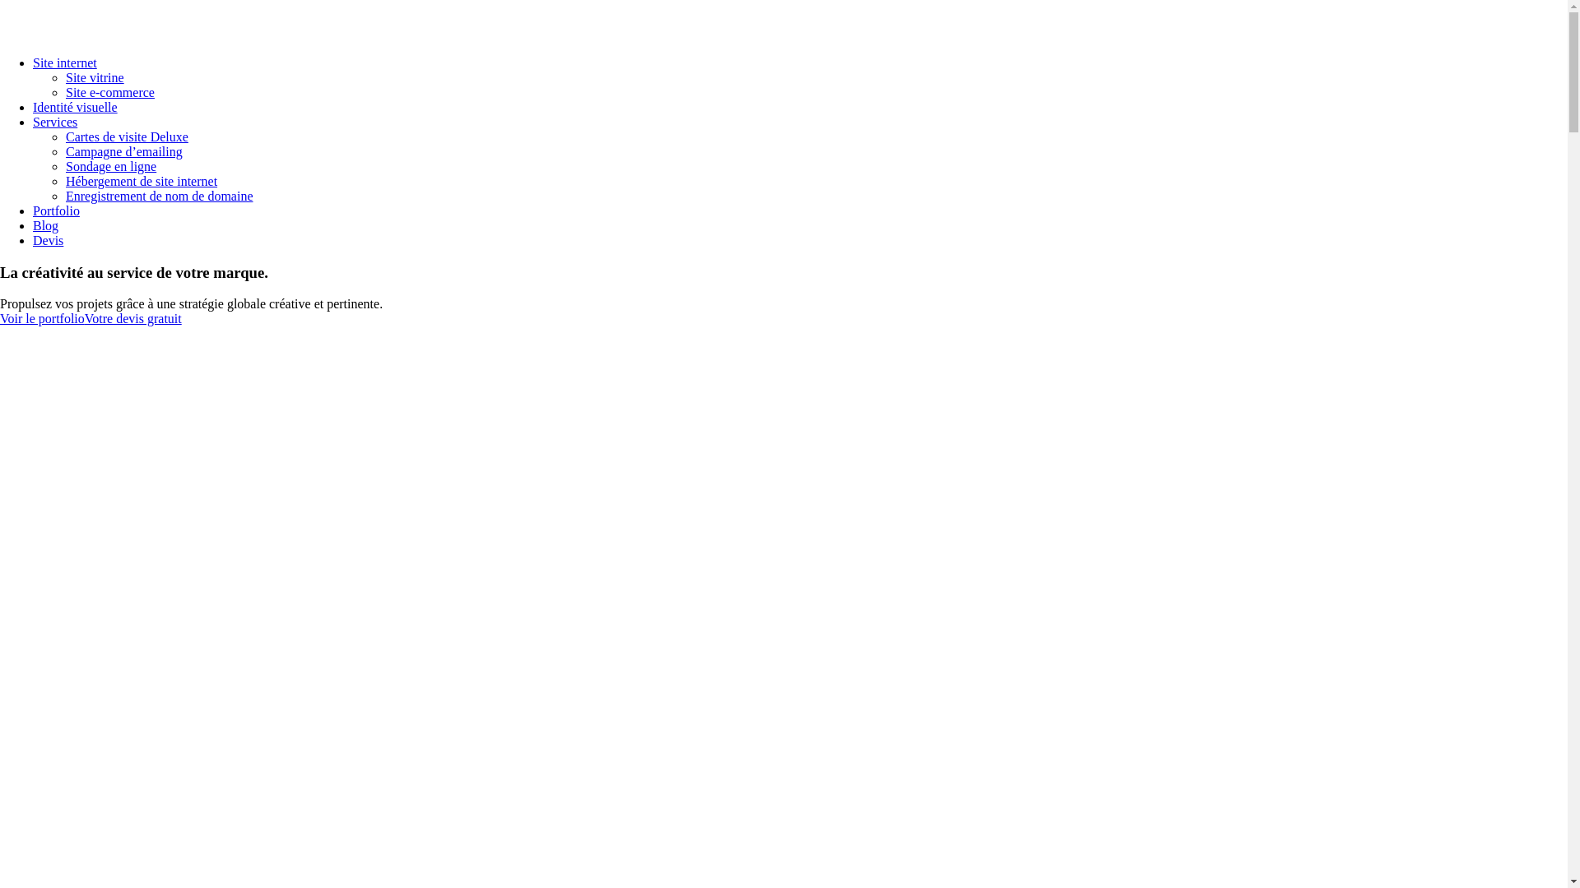 The height and width of the screenshot is (888, 1580). I want to click on 'Sondage en ligne', so click(109, 166).